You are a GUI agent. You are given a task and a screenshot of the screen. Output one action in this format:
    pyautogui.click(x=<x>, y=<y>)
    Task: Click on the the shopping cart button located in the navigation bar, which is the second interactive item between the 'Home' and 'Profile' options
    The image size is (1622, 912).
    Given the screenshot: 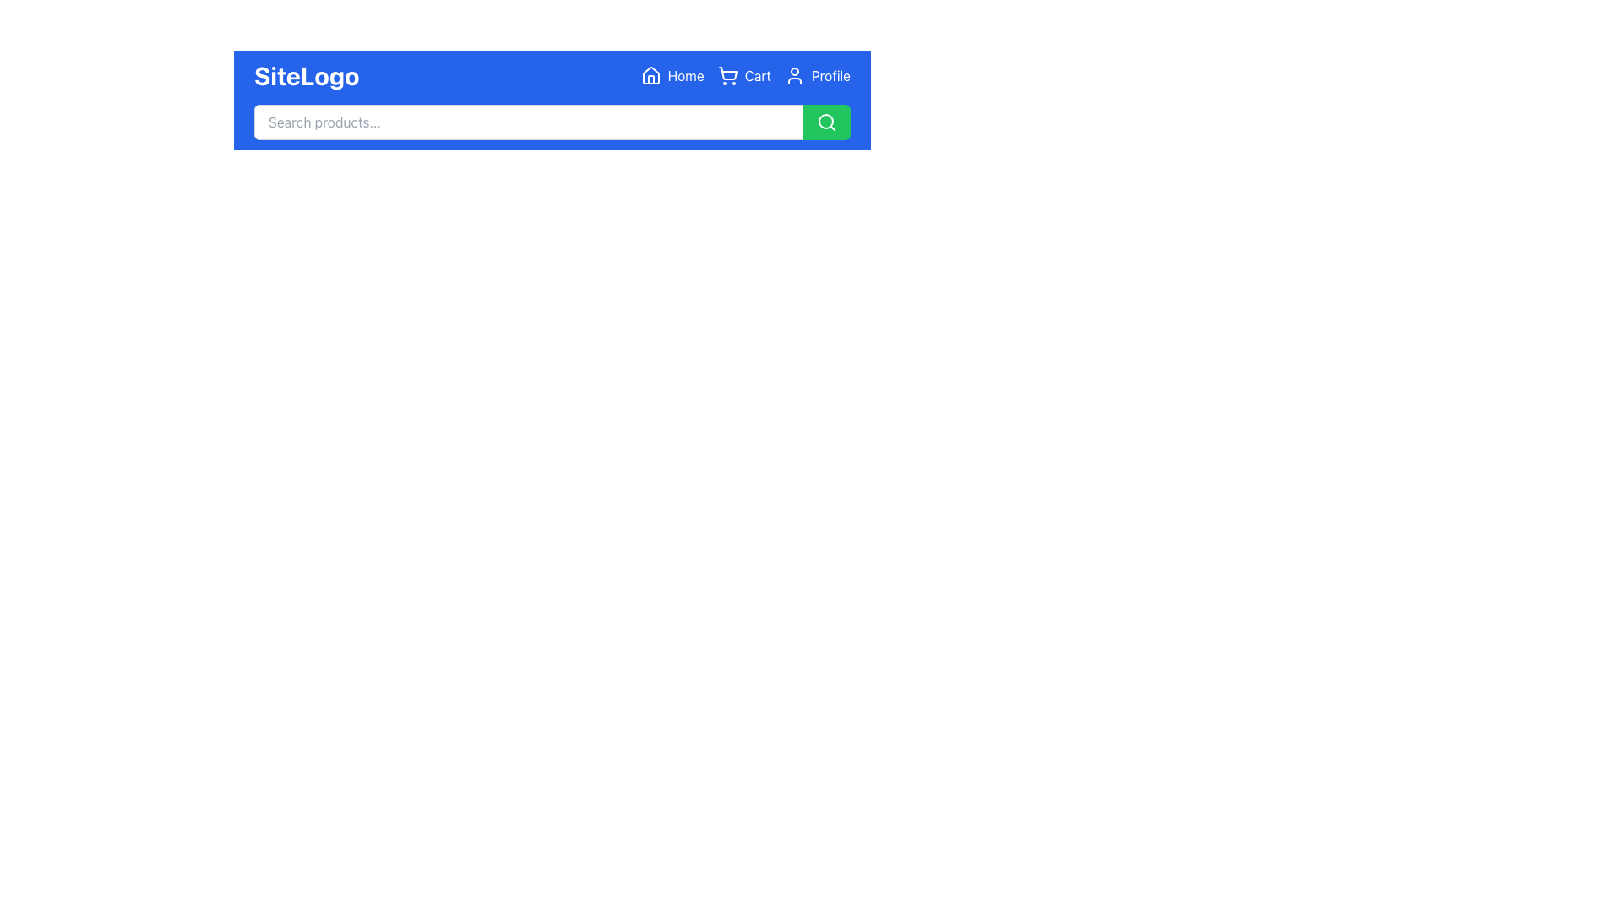 What is the action you would take?
    pyautogui.click(x=743, y=74)
    